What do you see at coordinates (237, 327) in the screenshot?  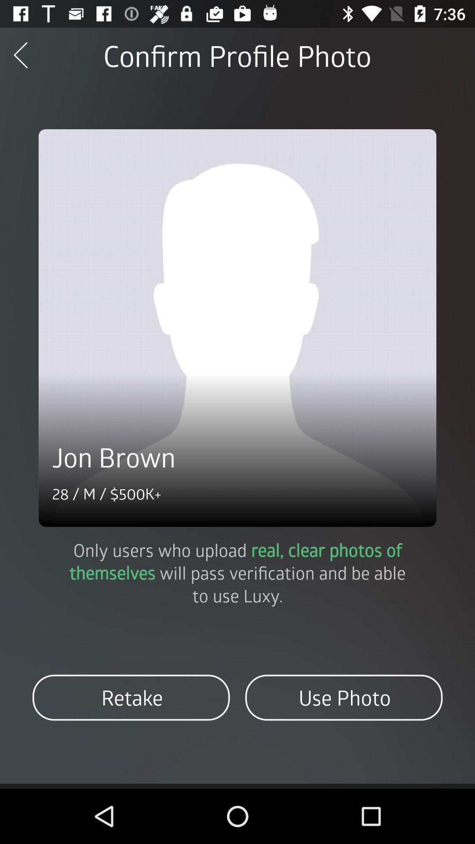 I see `current profile photo` at bounding box center [237, 327].